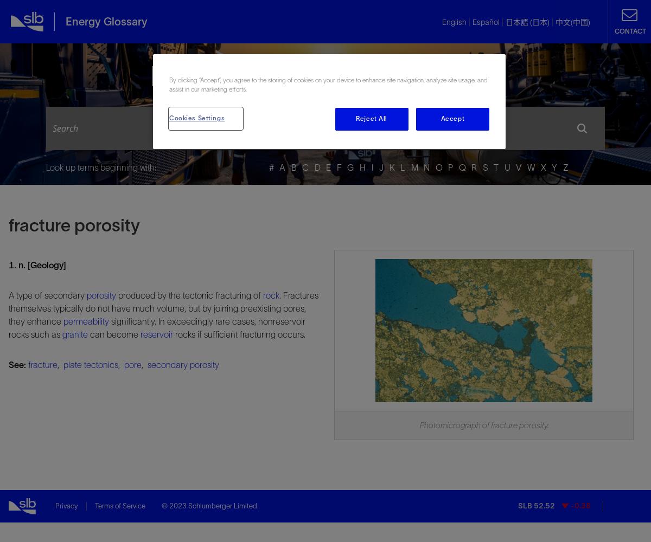 This screenshot has width=651, height=542. I want to click on 'Contact', so click(614, 31).